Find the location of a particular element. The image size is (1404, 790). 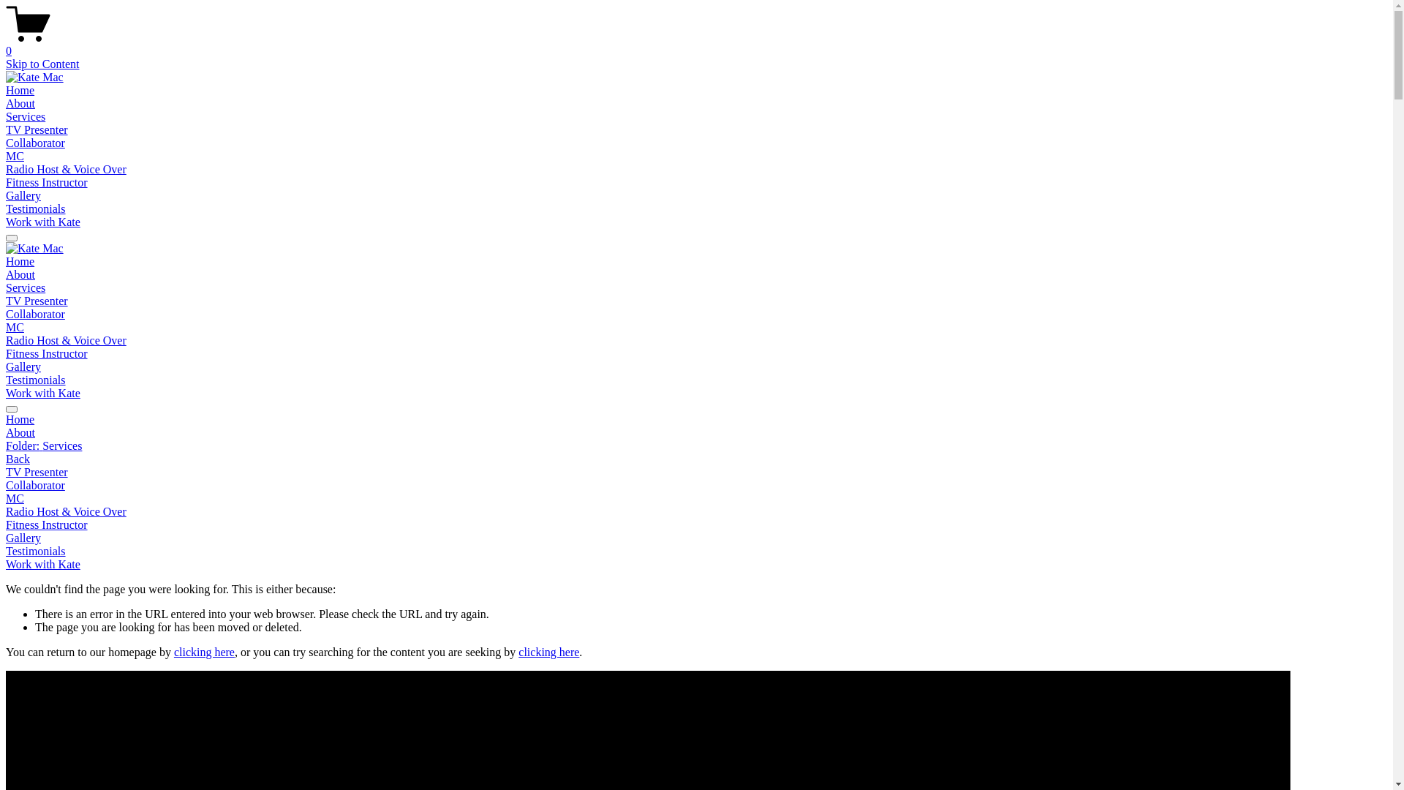

'Services' is located at coordinates (6, 287).